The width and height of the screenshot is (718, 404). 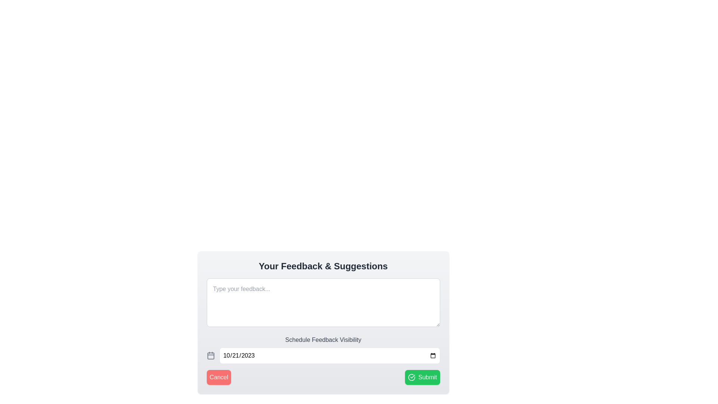 What do you see at coordinates (210, 355) in the screenshot?
I see `the rectangular shape with rounded corners within the calendar icon, located to the left of the date selection input box` at bounding box center [210, 355].